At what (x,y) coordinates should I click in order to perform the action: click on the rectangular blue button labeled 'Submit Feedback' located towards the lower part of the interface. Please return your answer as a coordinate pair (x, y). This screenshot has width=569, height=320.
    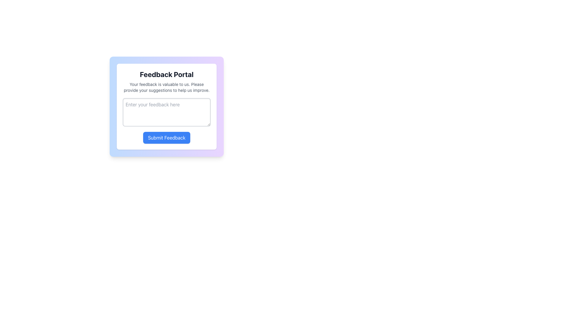
    Looking at the image, I should click on (166, 138).